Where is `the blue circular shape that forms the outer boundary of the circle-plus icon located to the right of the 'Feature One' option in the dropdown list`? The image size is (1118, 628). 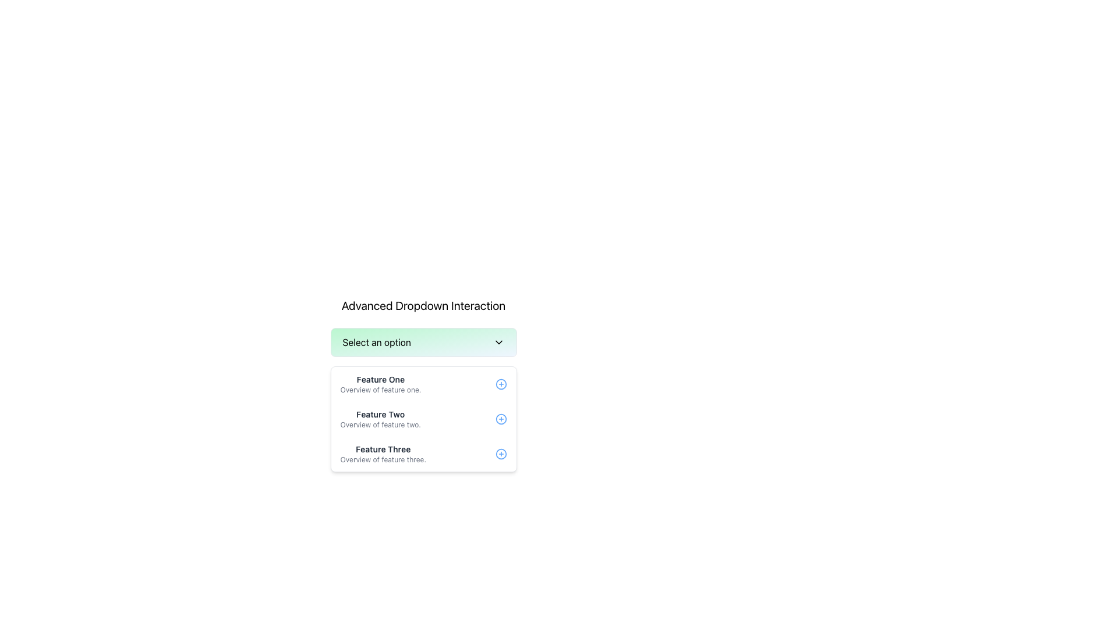 the blue circular shape that forms the outer boundary of the circle-plus icon located to the right of the 'Feature One' option in the dropdown list is located at coordinates (501, 384).